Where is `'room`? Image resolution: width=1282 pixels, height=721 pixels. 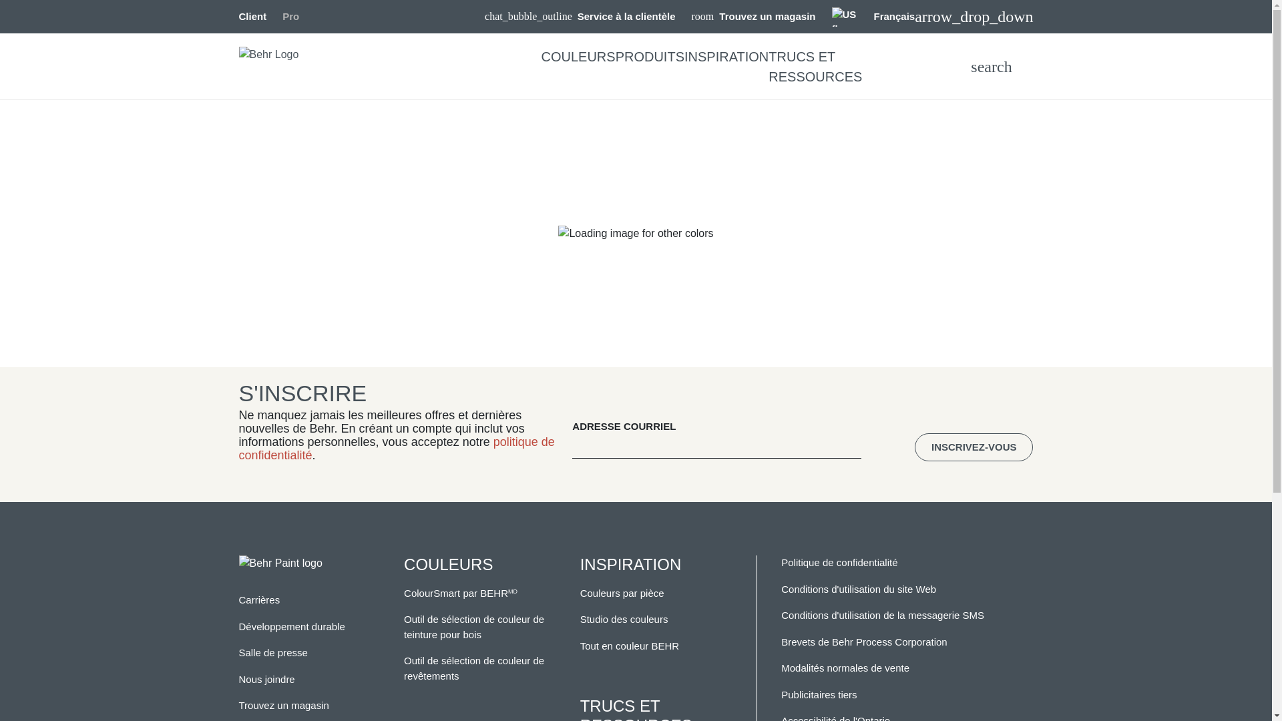 'room is located at coordinates (753, 17).